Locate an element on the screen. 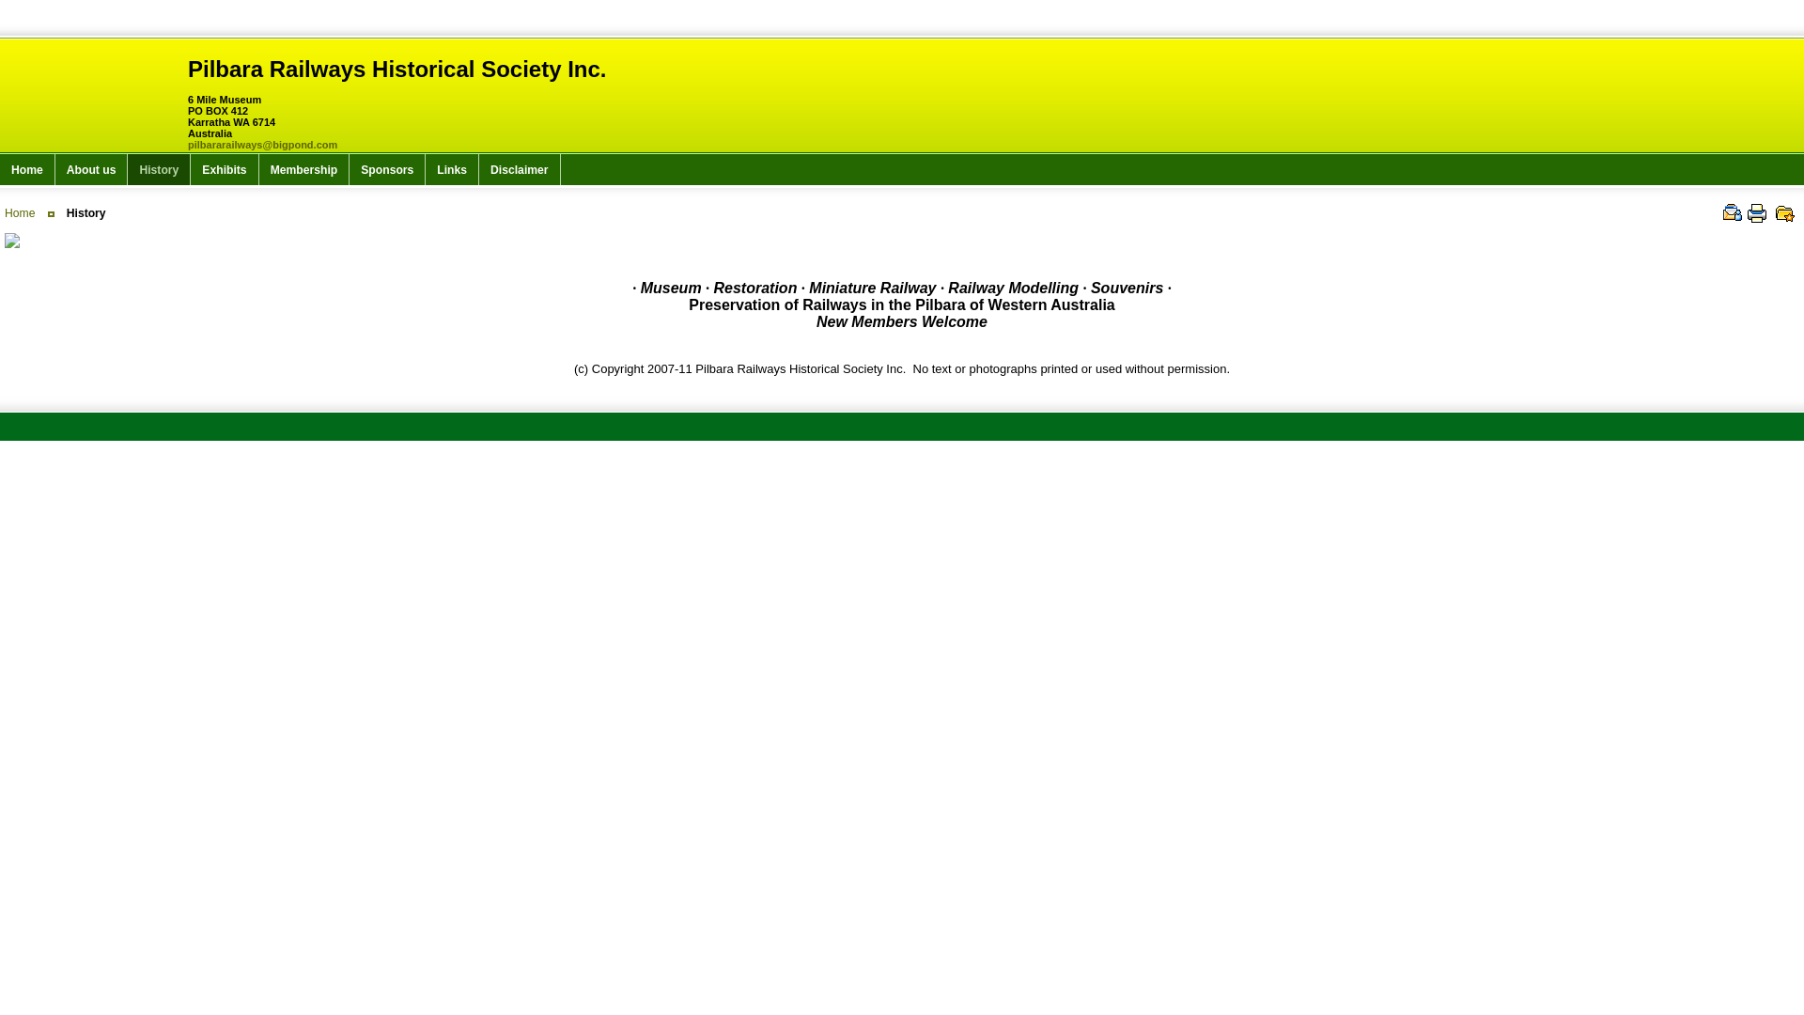  'pilbararailways@bigpond.com' is located at coordinates (261, 144).